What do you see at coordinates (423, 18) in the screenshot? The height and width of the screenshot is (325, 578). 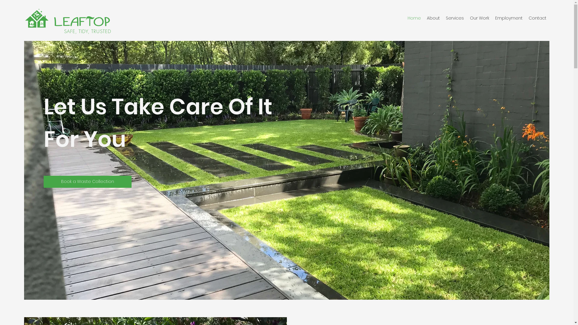 I see `'About'` at bounding box center [423, 18].